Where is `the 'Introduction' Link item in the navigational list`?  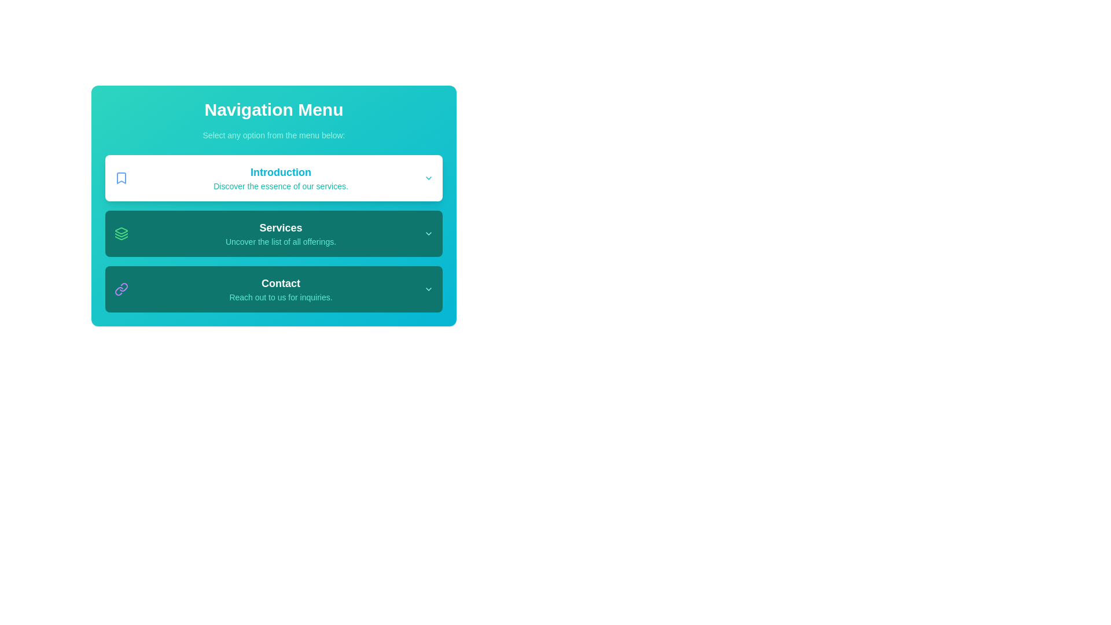
the 'Introduction' Link item in the navigational list is located at coordinates (273, 178).